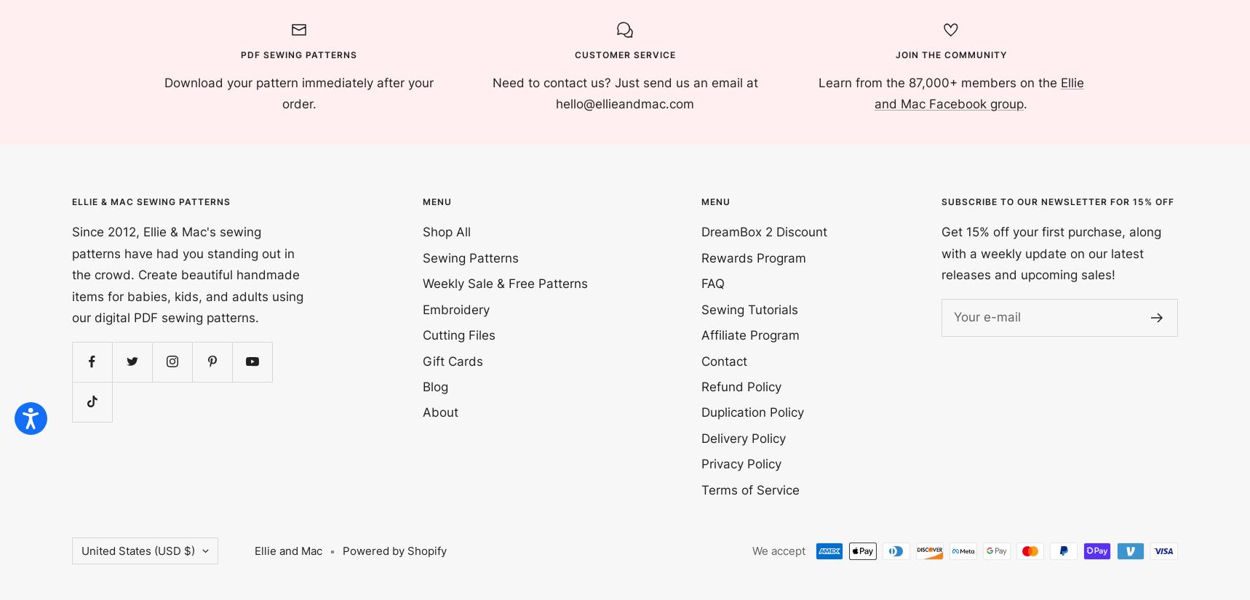 The image size is (1250, 600). Describe the element at coordinates (138, 127) in the screenshot. I see `'Burkina Faso (USD $)'` at that location.